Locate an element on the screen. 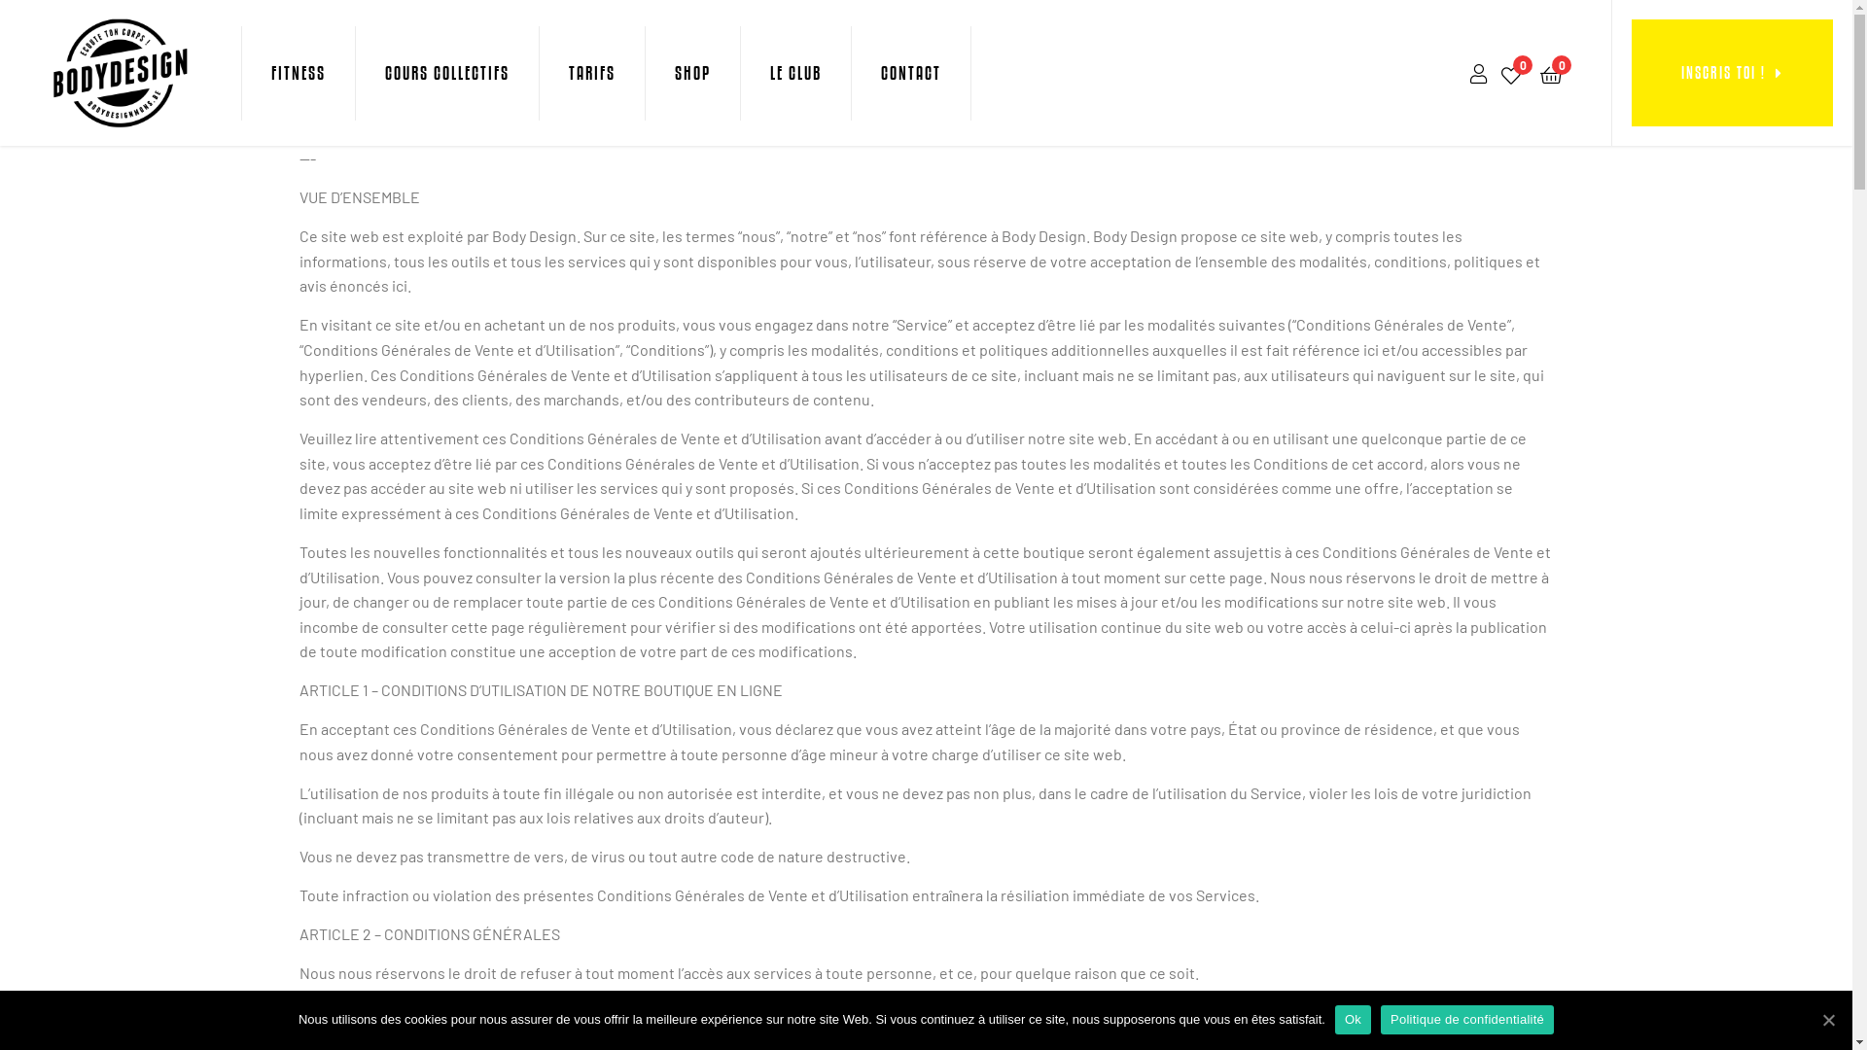 The height and width of the screenshot is (1050, 1867). 'CONTACT' is located at coordinates (909, 72).